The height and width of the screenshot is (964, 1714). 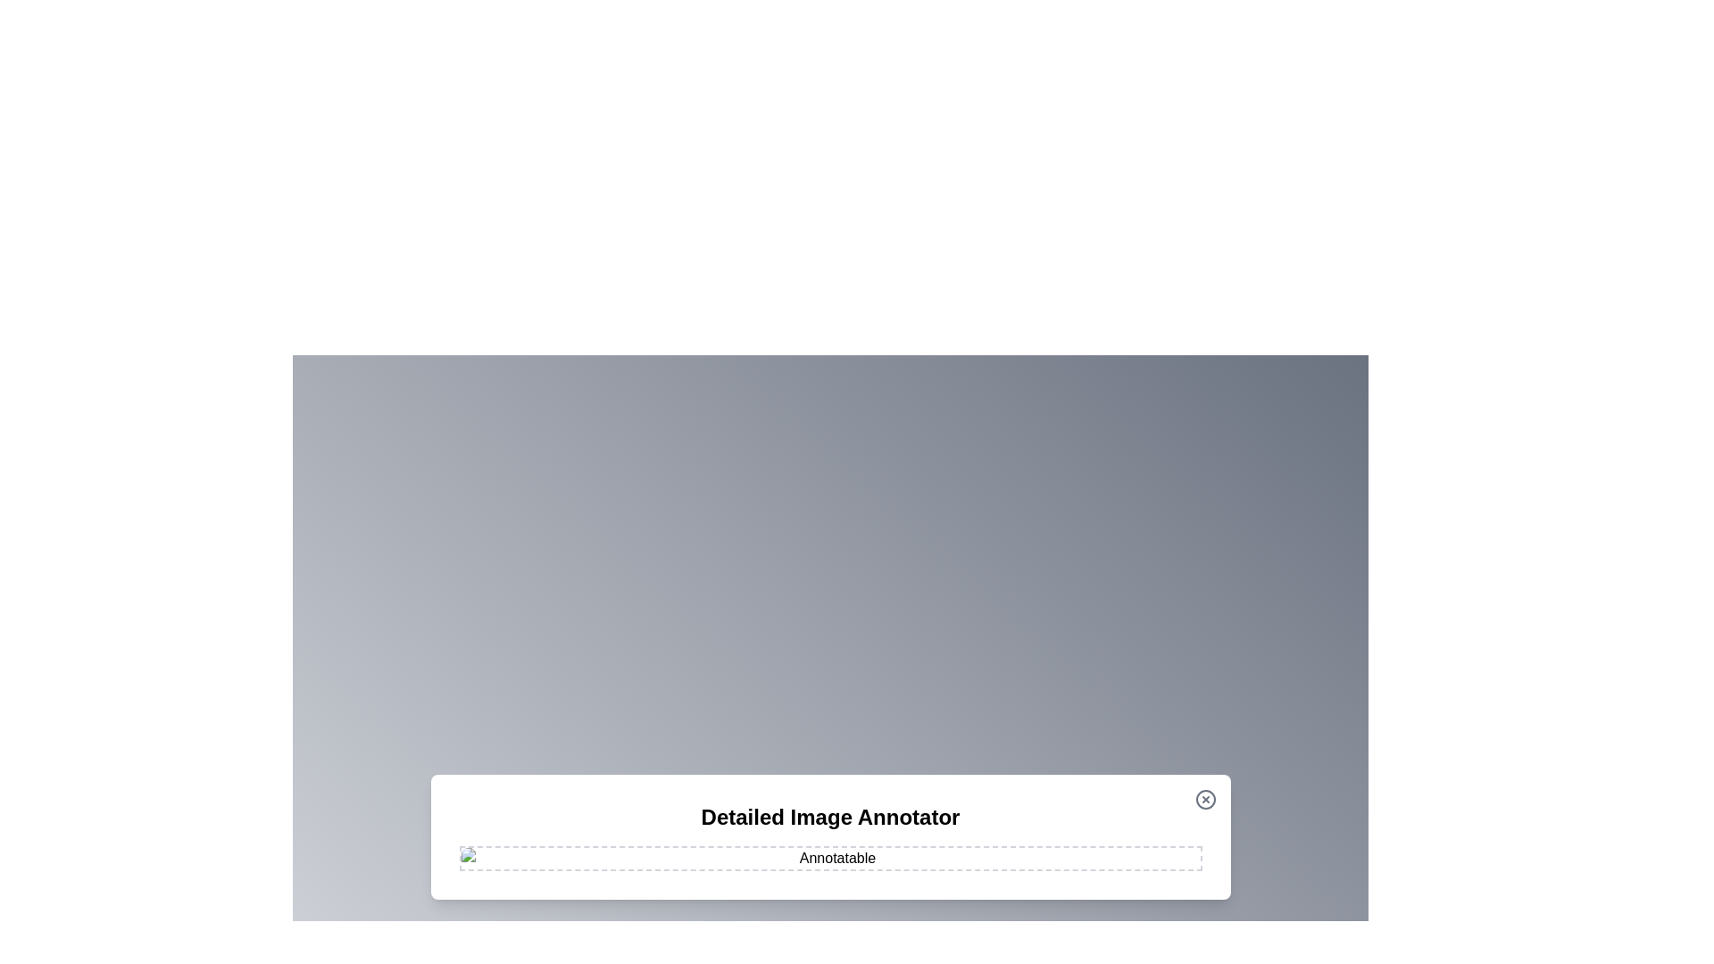 I want to click on the image at coordinates (537, 962) to add an annotation, so click(x=479, y=857).